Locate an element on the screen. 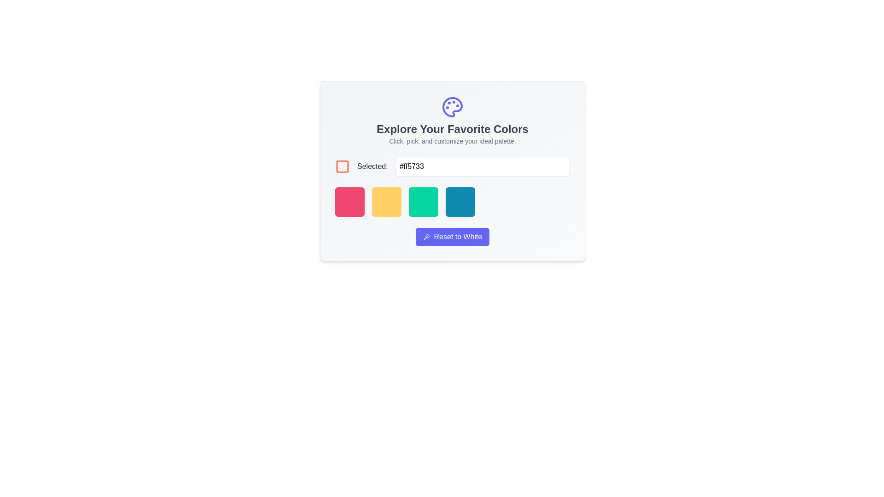 The image size is (884, 497). to select text in the Text Input Box for hexadecimal color code input located beside the label 'Selected:' is located at coordinates (482, 167).